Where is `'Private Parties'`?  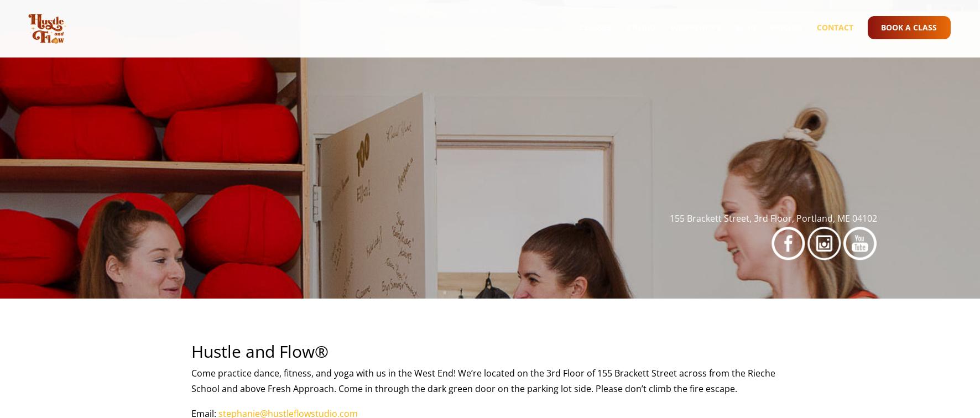
'Private Parties' is located at coordinates (681, 179).